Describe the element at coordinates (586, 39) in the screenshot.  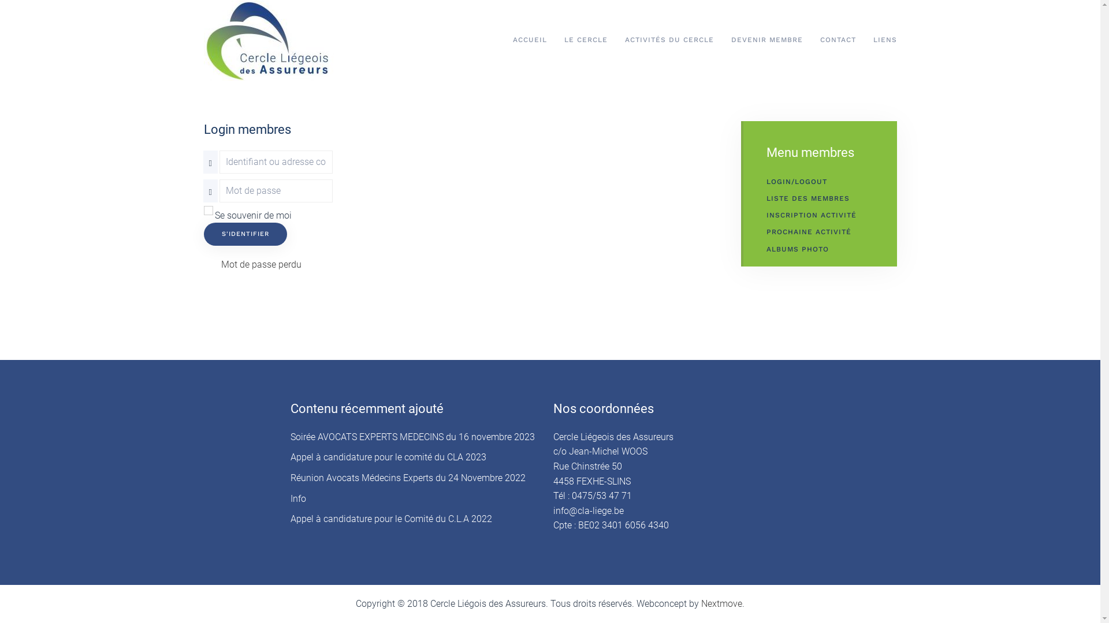
I see `'LE CERCLE'` at that location.